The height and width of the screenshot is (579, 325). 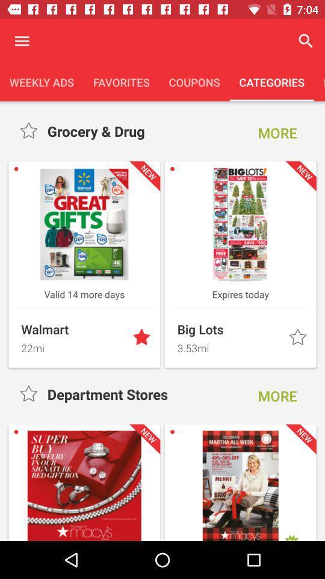 What do you see at coordinates (143, 338) in the screenshot?
I see `mark as favorite` at bounding box center [143, 338].